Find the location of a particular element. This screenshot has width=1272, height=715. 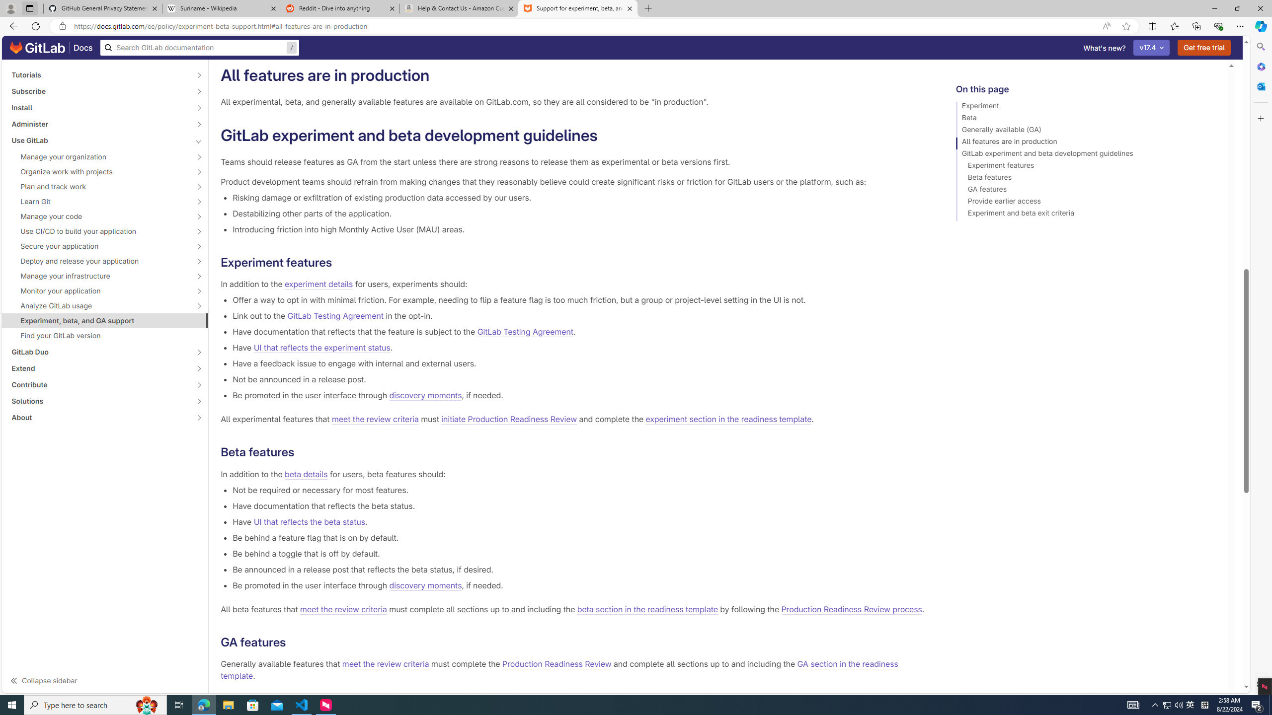

'GitLab documentation home Docs' is located at coordinates (51, 47).